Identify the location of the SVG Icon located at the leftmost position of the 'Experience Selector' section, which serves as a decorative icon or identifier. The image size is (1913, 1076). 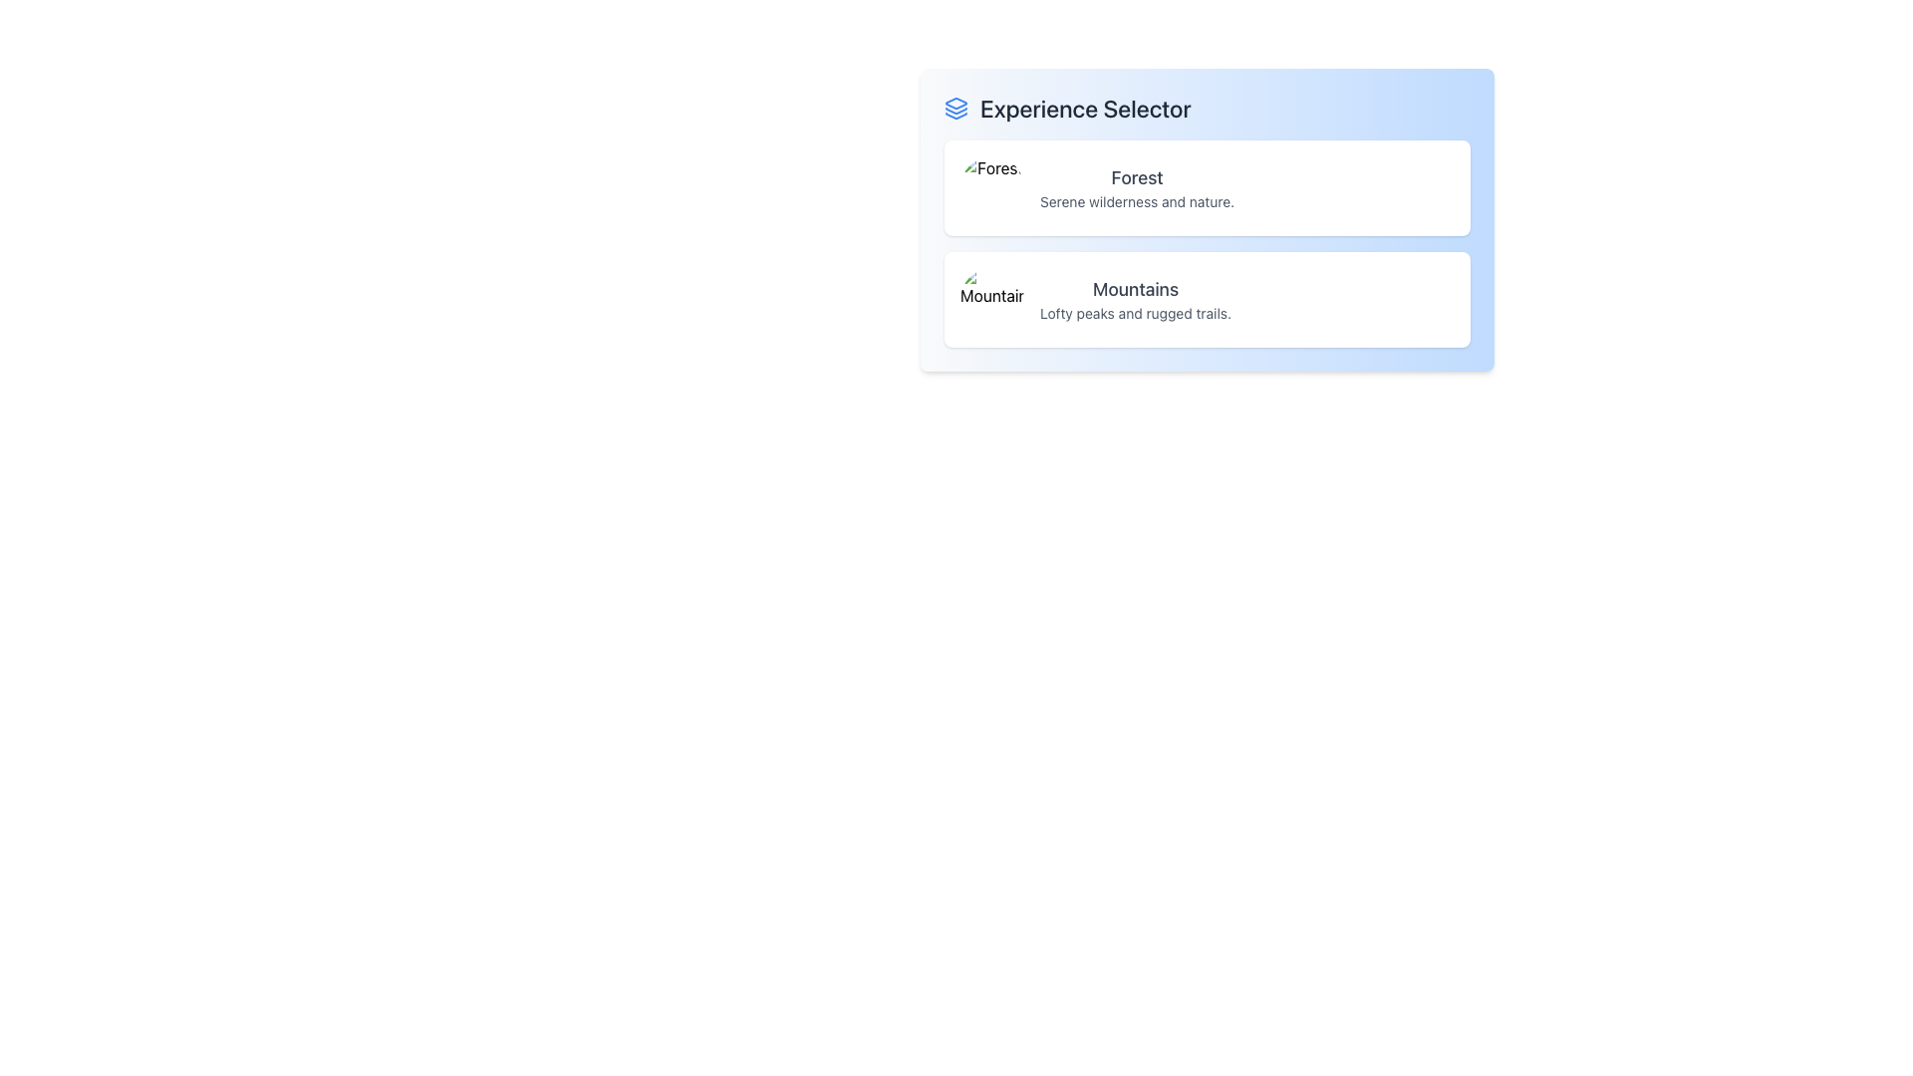
(956, 108).